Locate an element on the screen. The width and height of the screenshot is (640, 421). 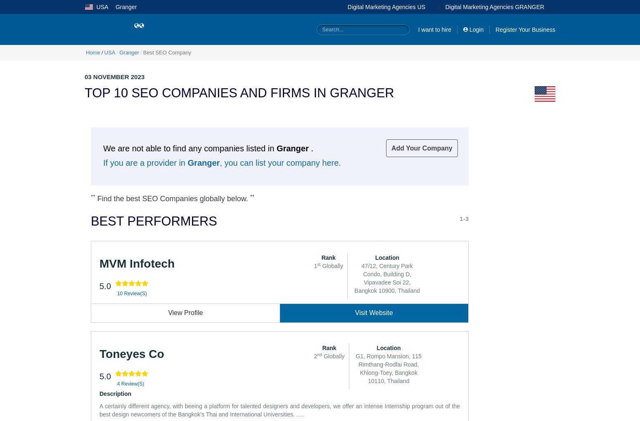
'View Profile' is located at coordinates (185, 313).